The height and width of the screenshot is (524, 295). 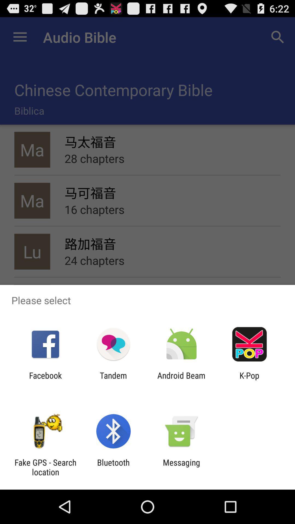 I want to click on item to the right of the bluetooth, so click(x=181, y=467).